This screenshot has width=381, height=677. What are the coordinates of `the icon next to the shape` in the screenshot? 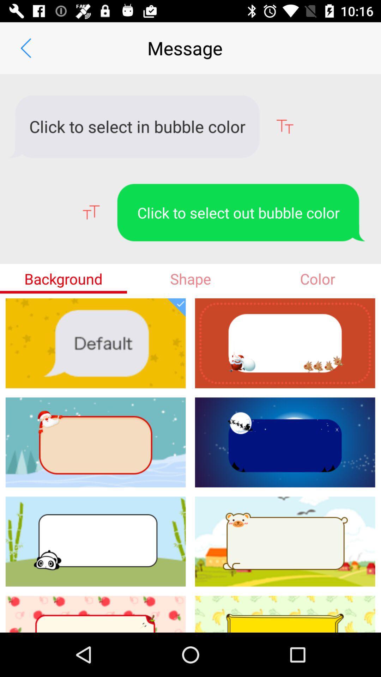 It's located at (64, 278).